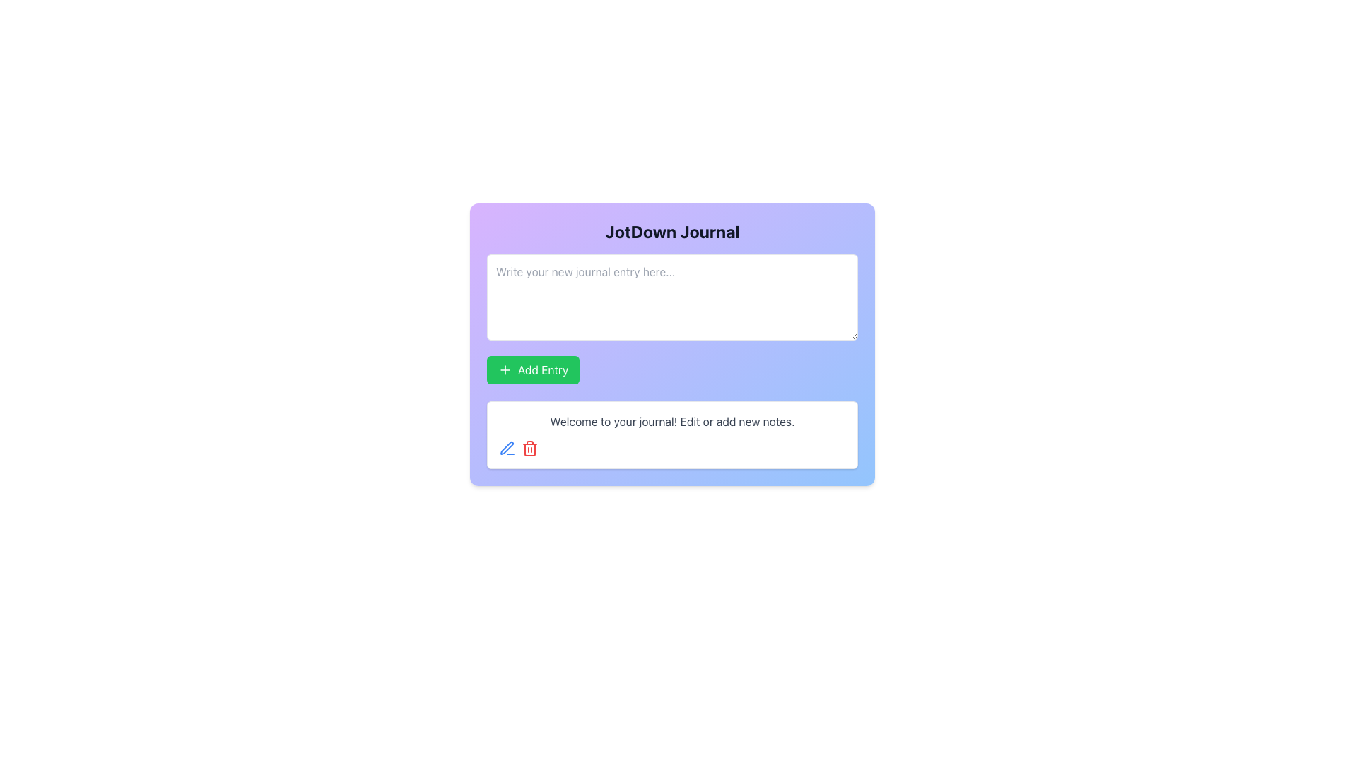 This screenshot has height=763, width=1357. I want to click on the green 'Add Entry' button with a white plus icon, located directly below the 'Write your new journal entry here...' input field, so click(532, 369).